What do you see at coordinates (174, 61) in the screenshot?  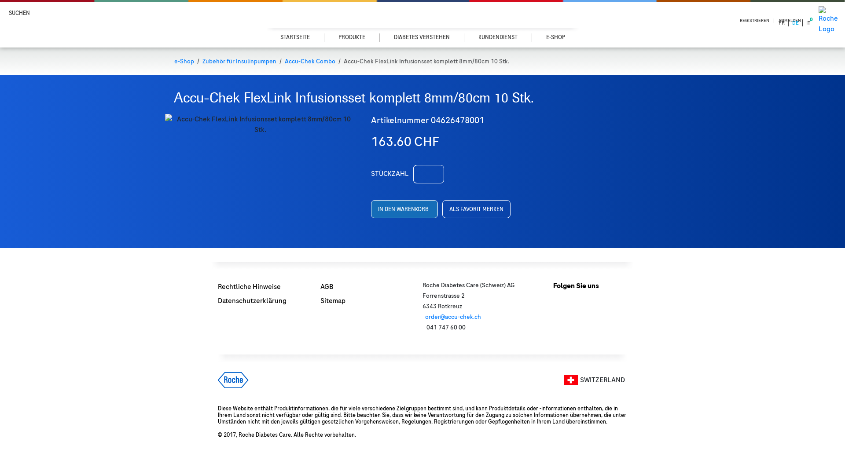 I see `'e-Shop'` at bounding box center [174, 61].